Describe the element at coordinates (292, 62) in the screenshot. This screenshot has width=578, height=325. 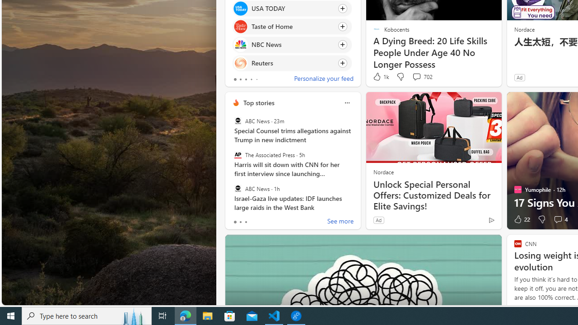
I see `'Click to follow source Reuters'` at that location.